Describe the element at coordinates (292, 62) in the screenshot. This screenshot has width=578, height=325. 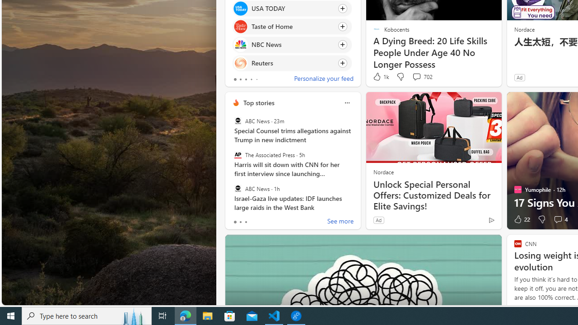
I see `'Click to follow source Reuters'` at that location.